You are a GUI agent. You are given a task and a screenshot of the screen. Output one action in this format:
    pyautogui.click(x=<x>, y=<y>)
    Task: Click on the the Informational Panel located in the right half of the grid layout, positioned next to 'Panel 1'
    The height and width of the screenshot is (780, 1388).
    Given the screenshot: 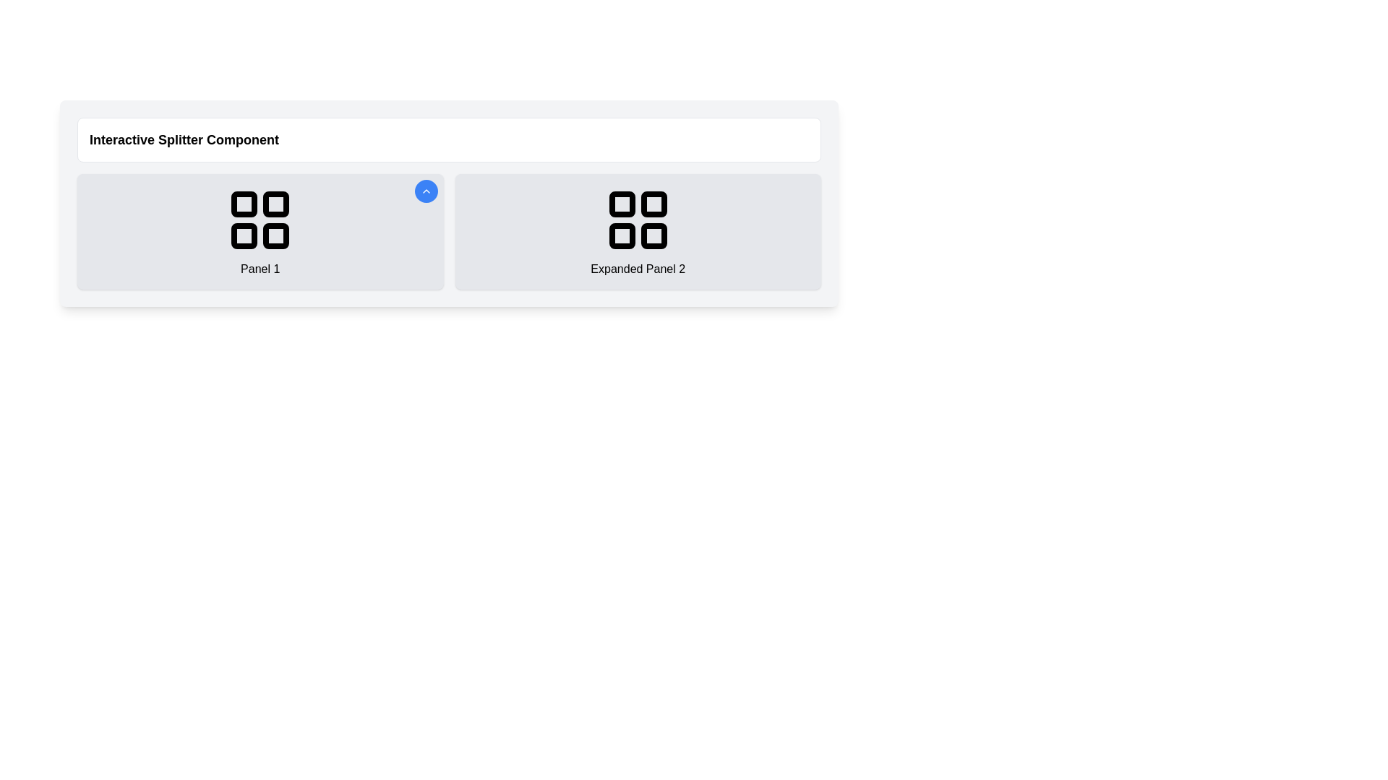 What is the action you would take?
    pyautogui.click(x=637, y=230)
    